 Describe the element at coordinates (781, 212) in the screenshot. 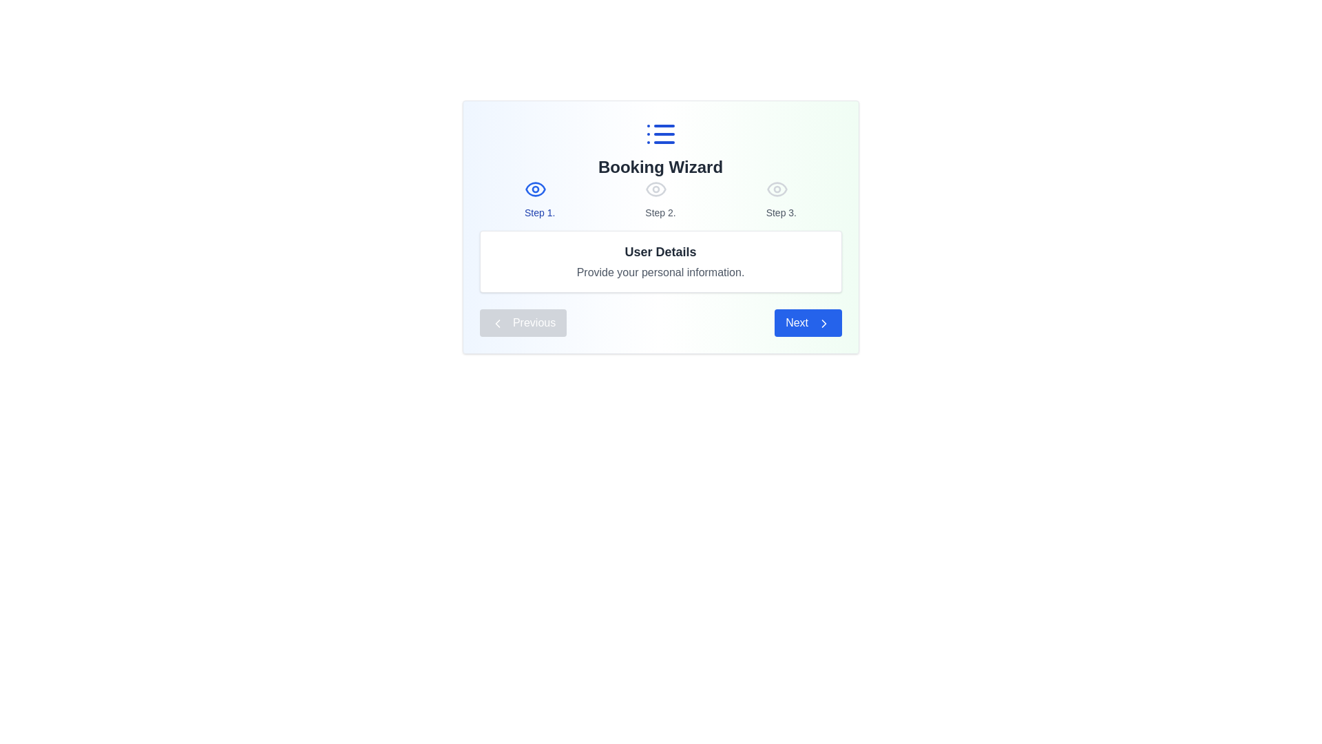

I see `the Text label indicating 'Step 3.' which is positioned at the top-center of the interface, serving as an indicator for the current stage in a process` at that location.